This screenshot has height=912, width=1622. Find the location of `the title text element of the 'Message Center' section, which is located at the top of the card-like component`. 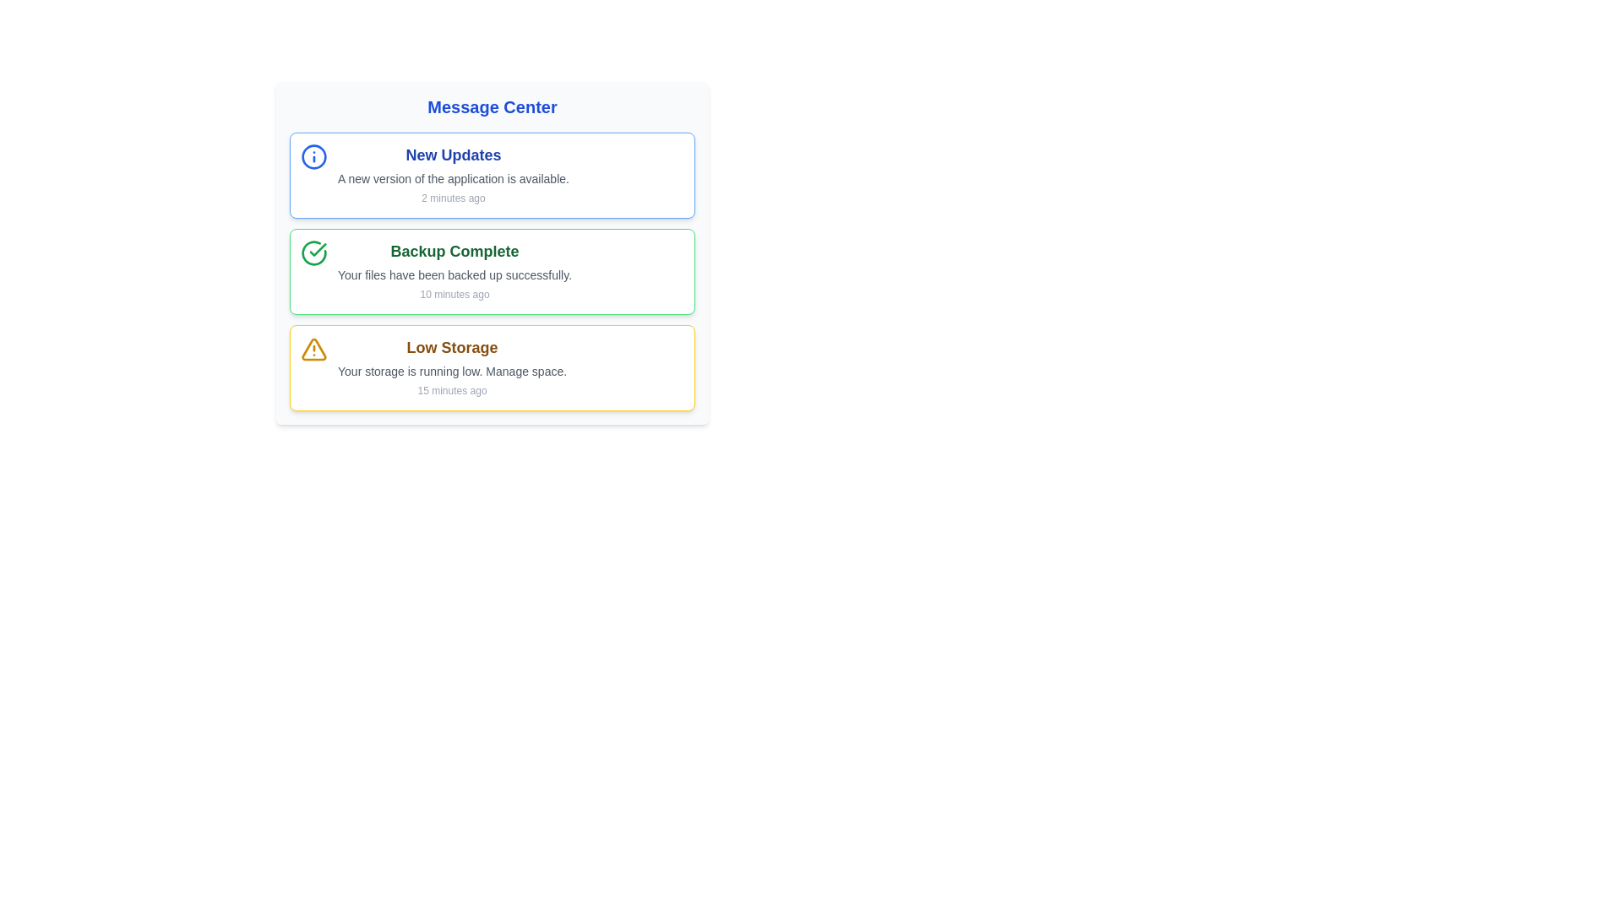

the title text element of the 'Message Center' section, which is located at the top of the card-like component is located at coordinates (491, 107).